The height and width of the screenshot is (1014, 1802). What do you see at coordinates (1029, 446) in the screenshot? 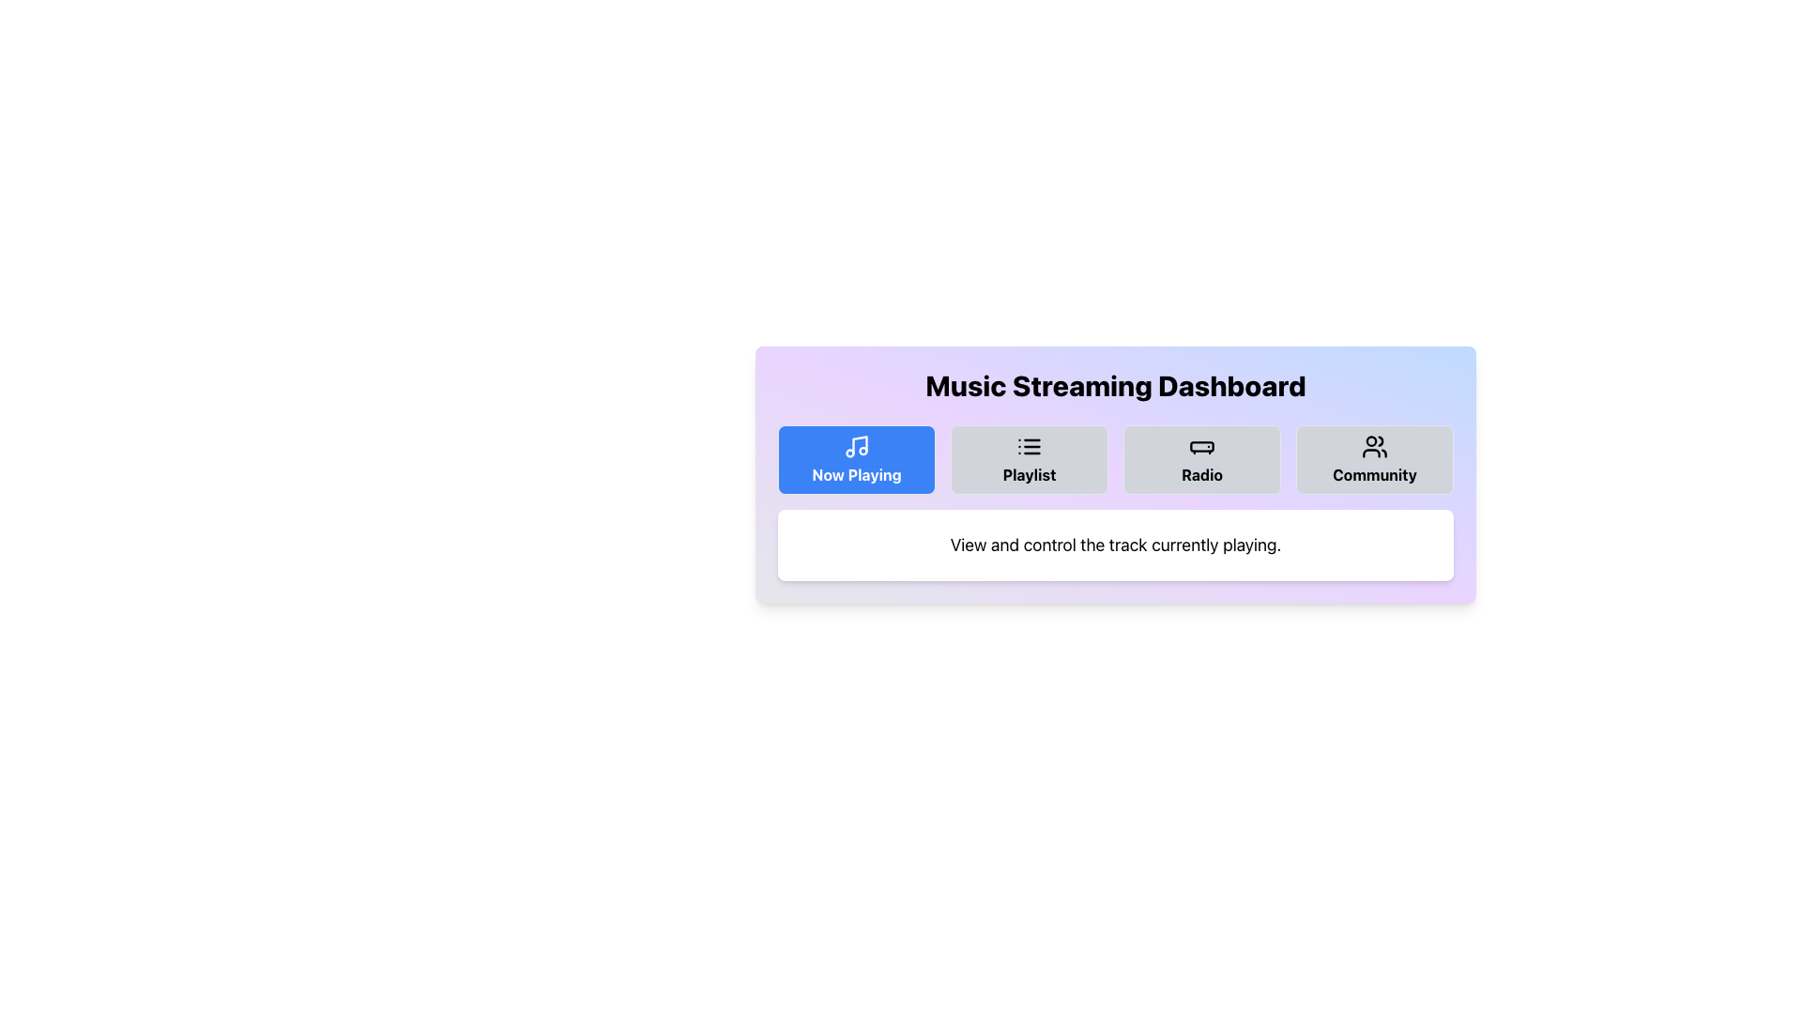
I see `the 'Playlist' icon, which visually represents the 'Playlist' feature and is centered within the button labeled 'Playlist'` at bounding box center [1029, 446].